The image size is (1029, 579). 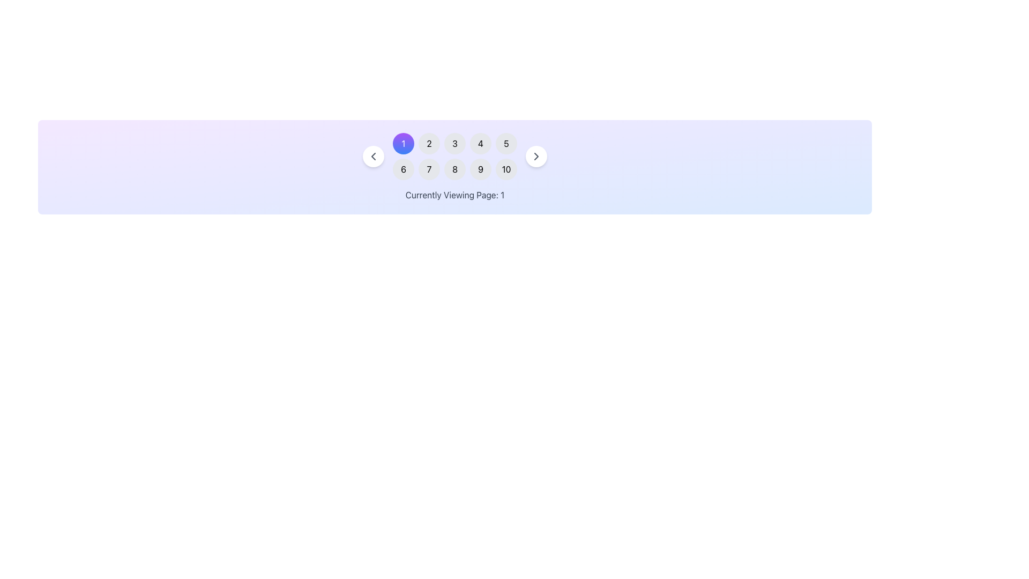 I want to click on the chevron icon located at the extreme right of the pagination control section, so click(x=536, y=157).